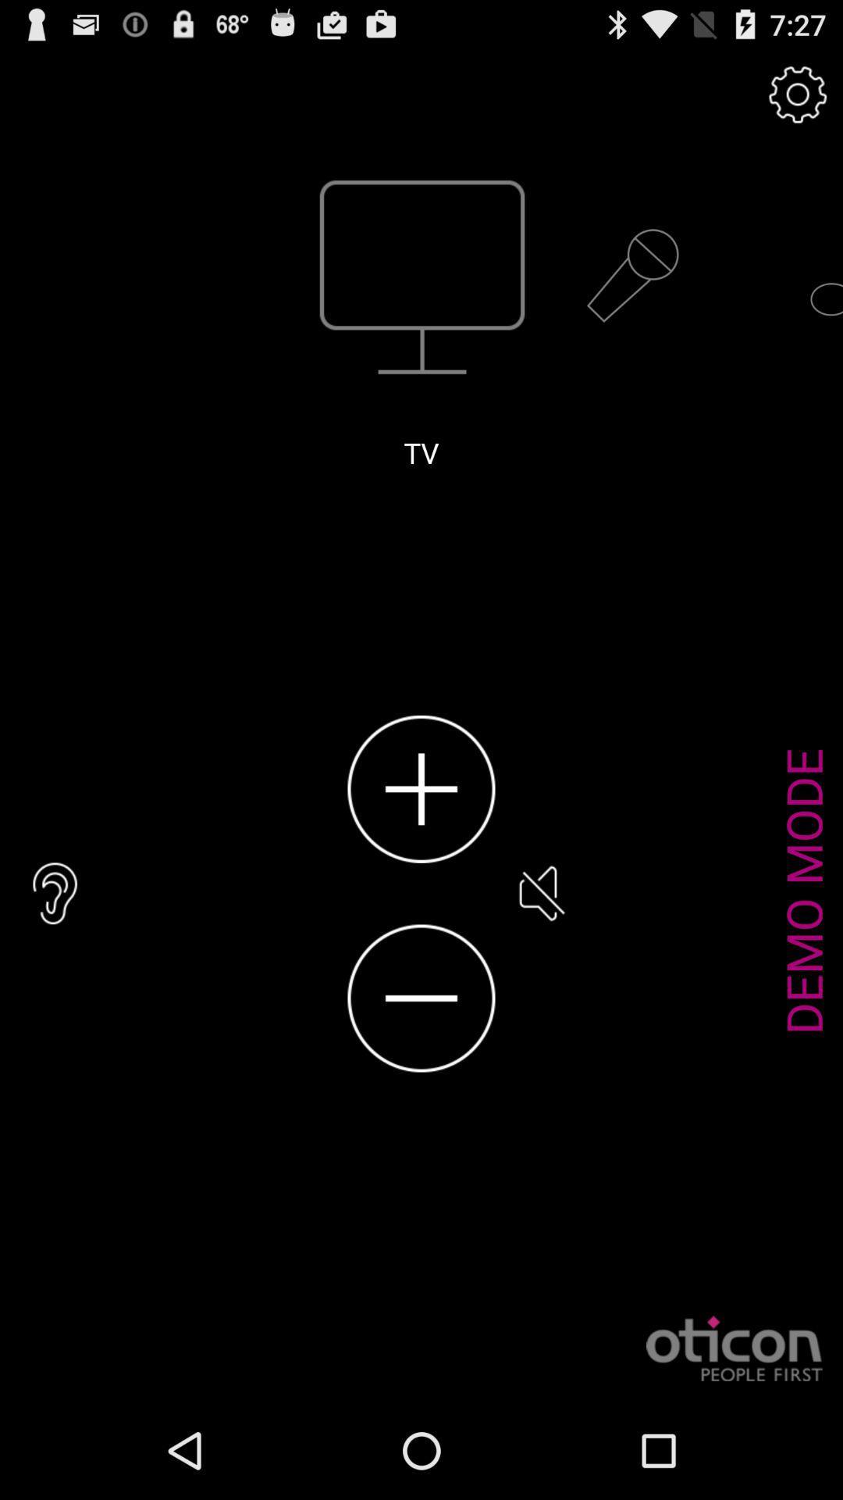 The height and width of the screenshot is (1500, 843). Describe the element at coordinates (421, 998) in the screenshot. I see `the icon below the plus icon` at that location.